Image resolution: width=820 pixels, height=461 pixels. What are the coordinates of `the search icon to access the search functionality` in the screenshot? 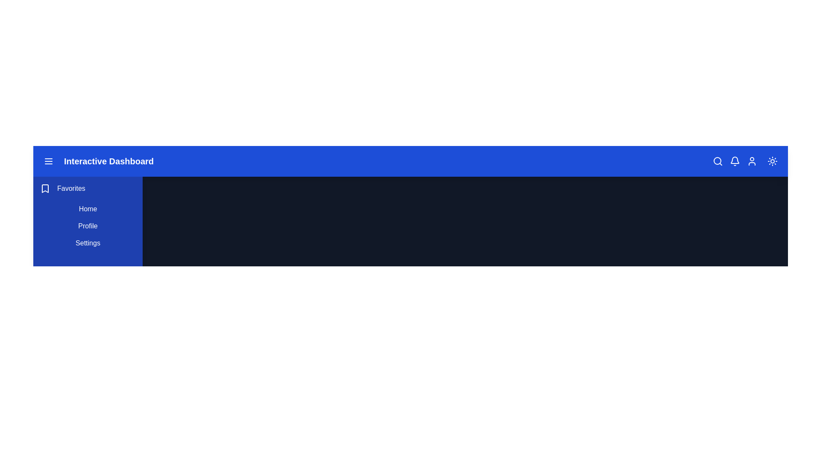 It's located at (717, 161).